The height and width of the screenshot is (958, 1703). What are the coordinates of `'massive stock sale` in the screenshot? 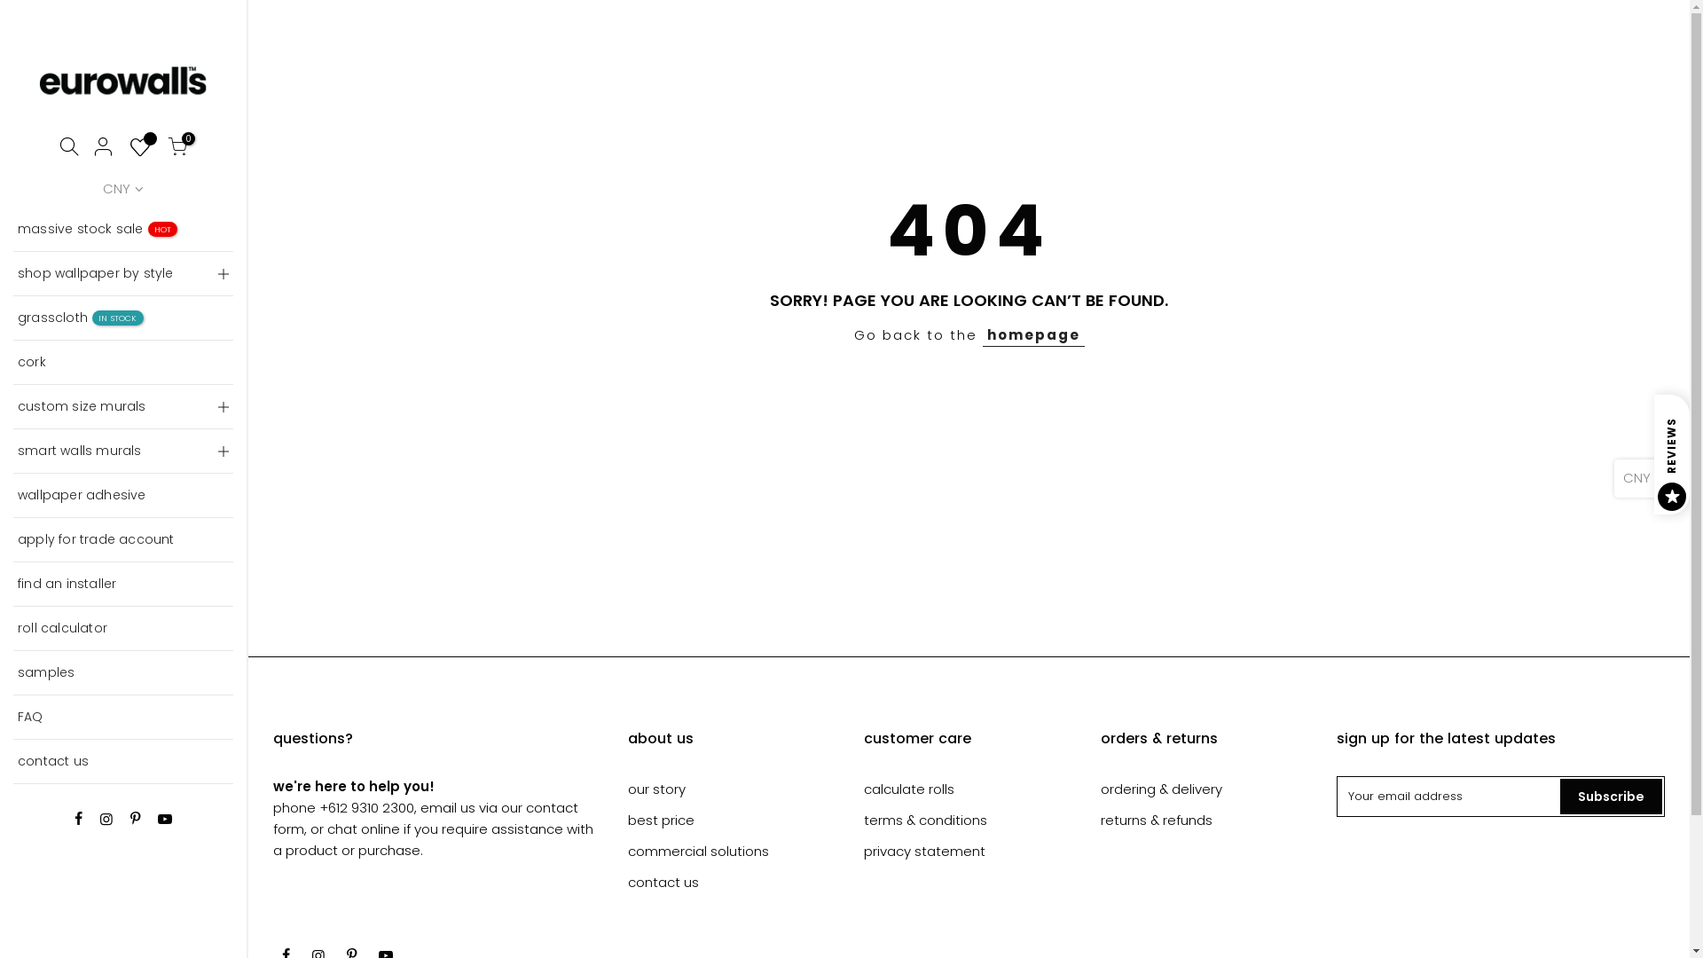 It's located at (122, 228).